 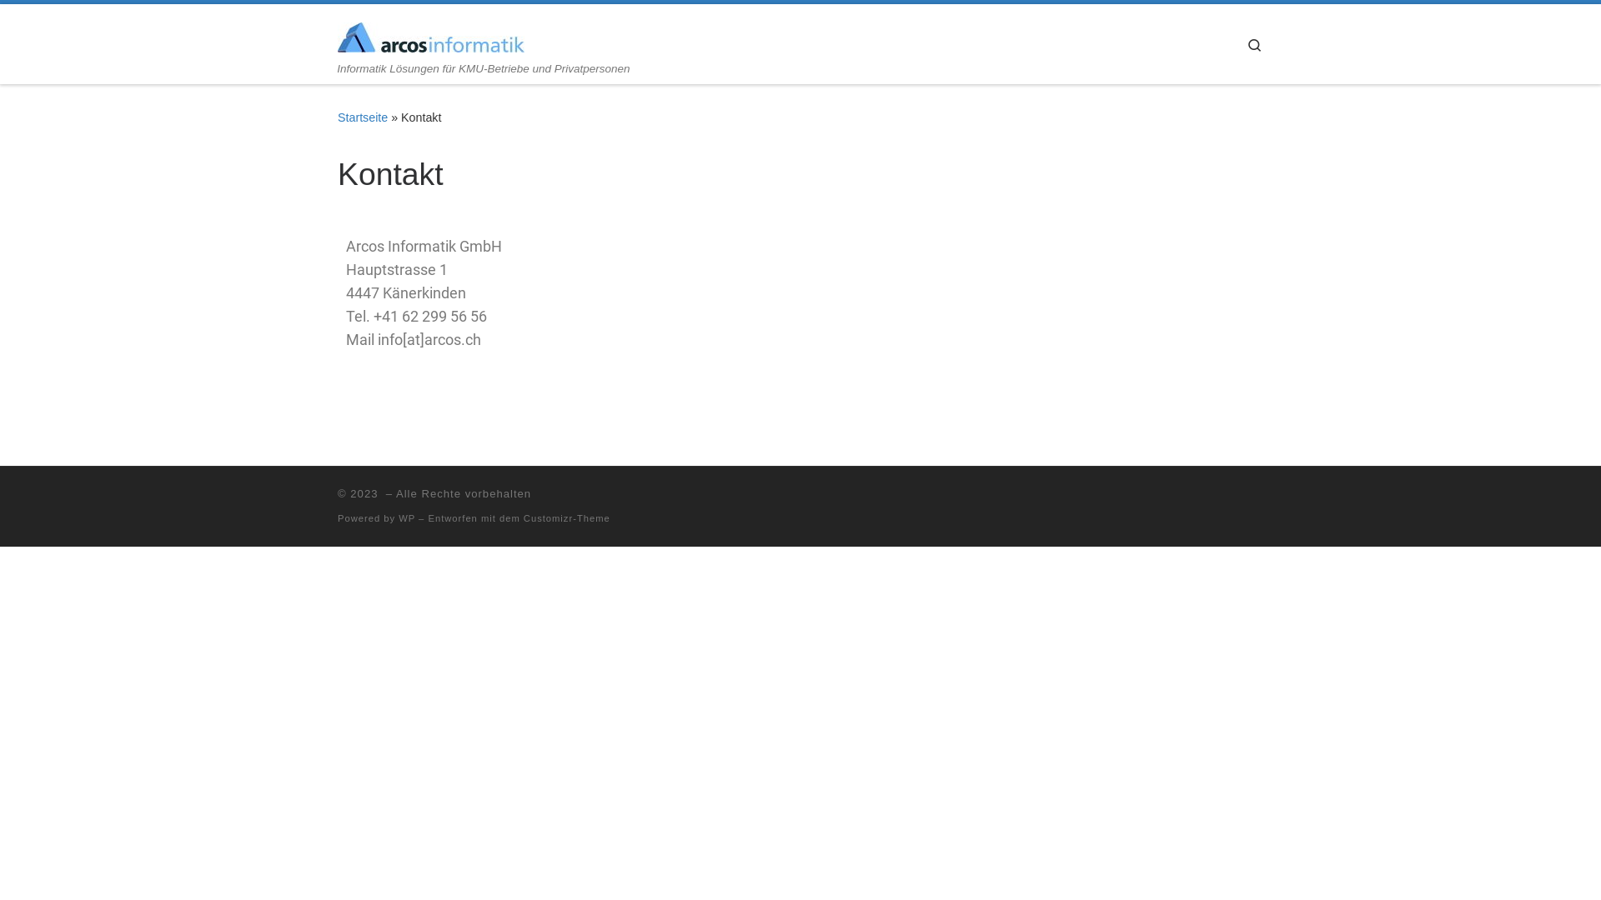 I want to click on 'Skip to content', so click(x=67, y=22).